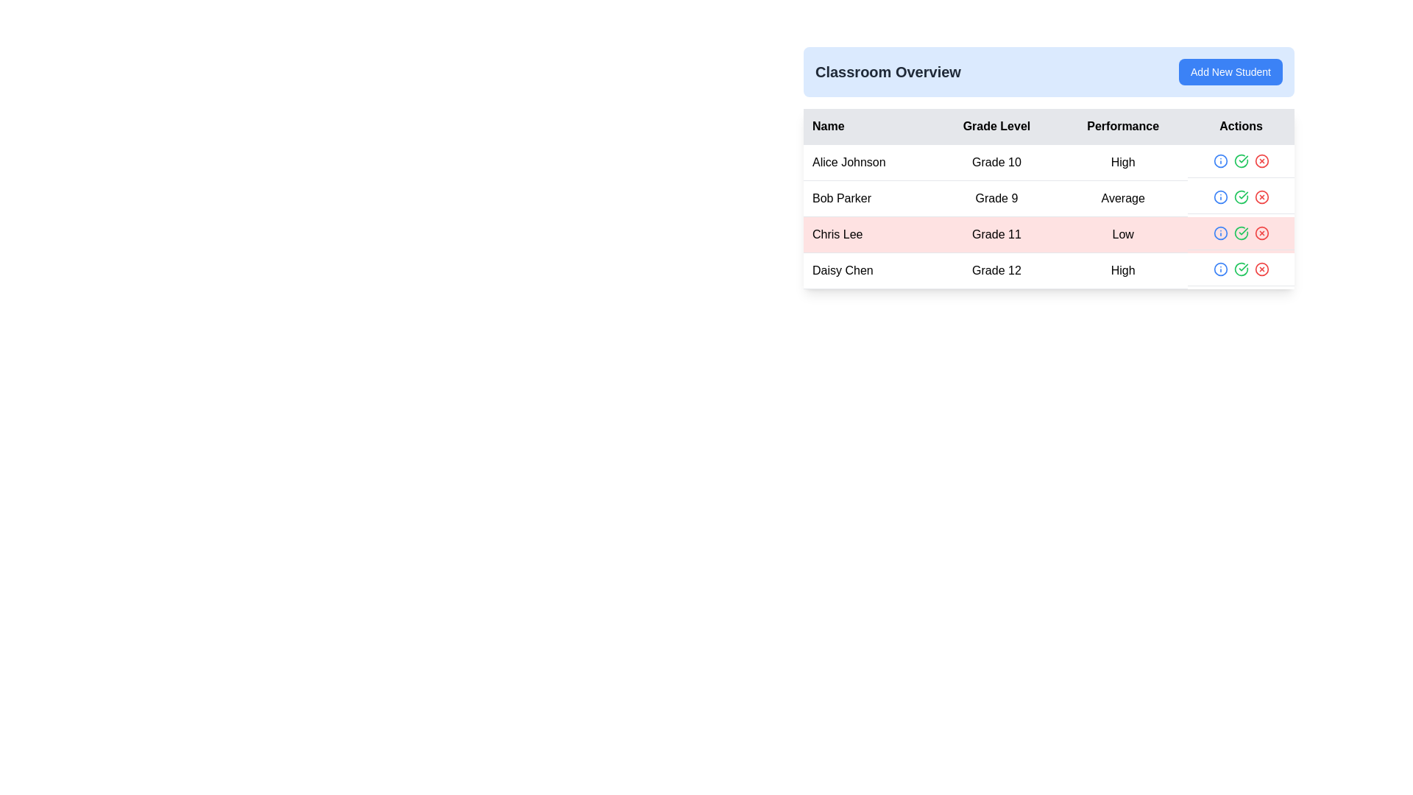  I want to click on the text cell containing 'Alice Johnson', located in the first column of the first data row under the 'Name' header, so click(868, 162).